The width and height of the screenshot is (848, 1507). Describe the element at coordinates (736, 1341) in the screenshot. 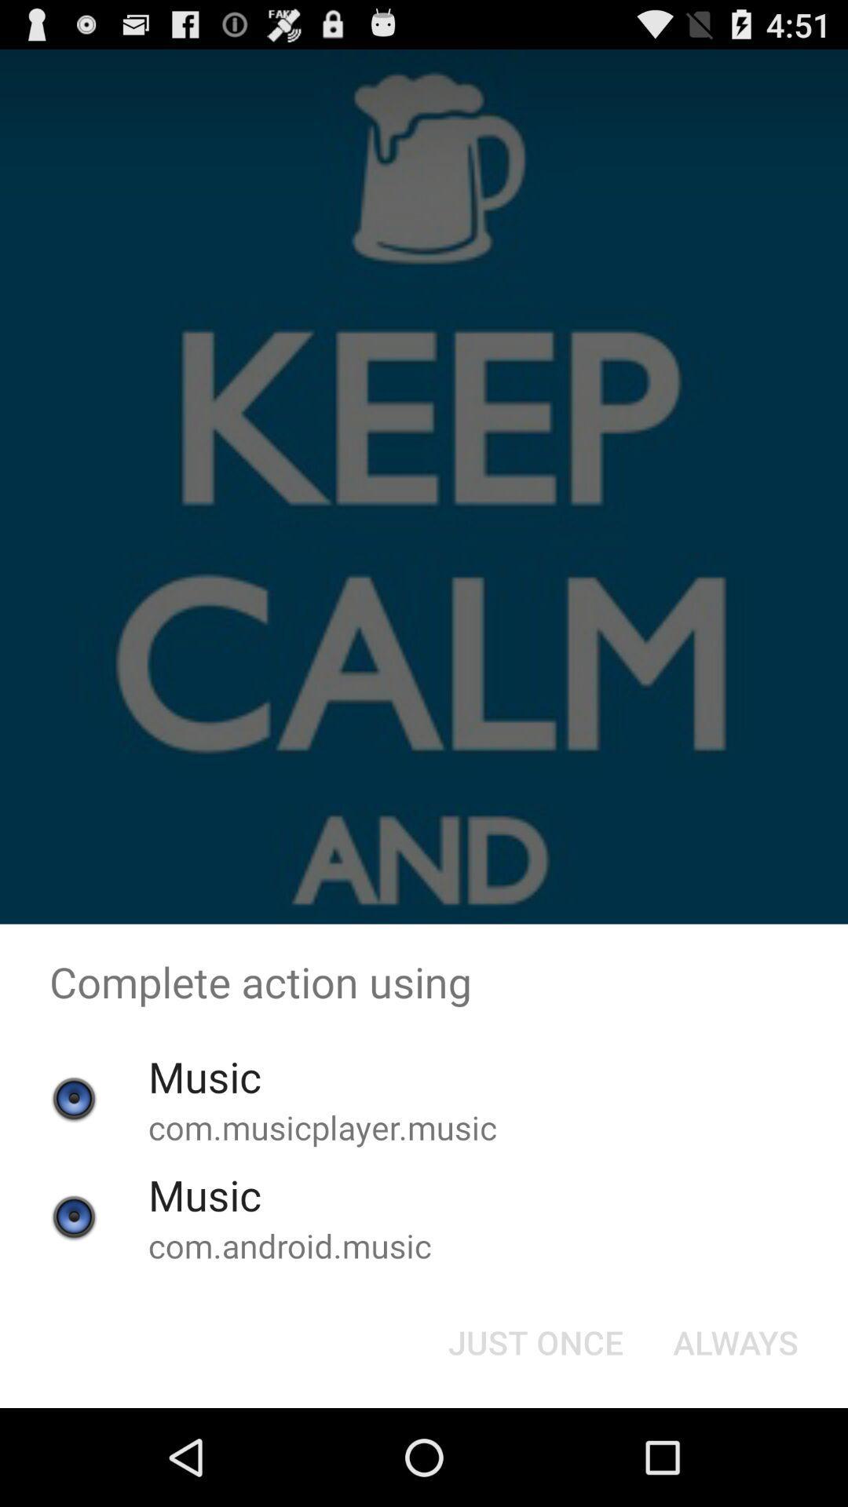

I see `the button next to the just once` at that location.